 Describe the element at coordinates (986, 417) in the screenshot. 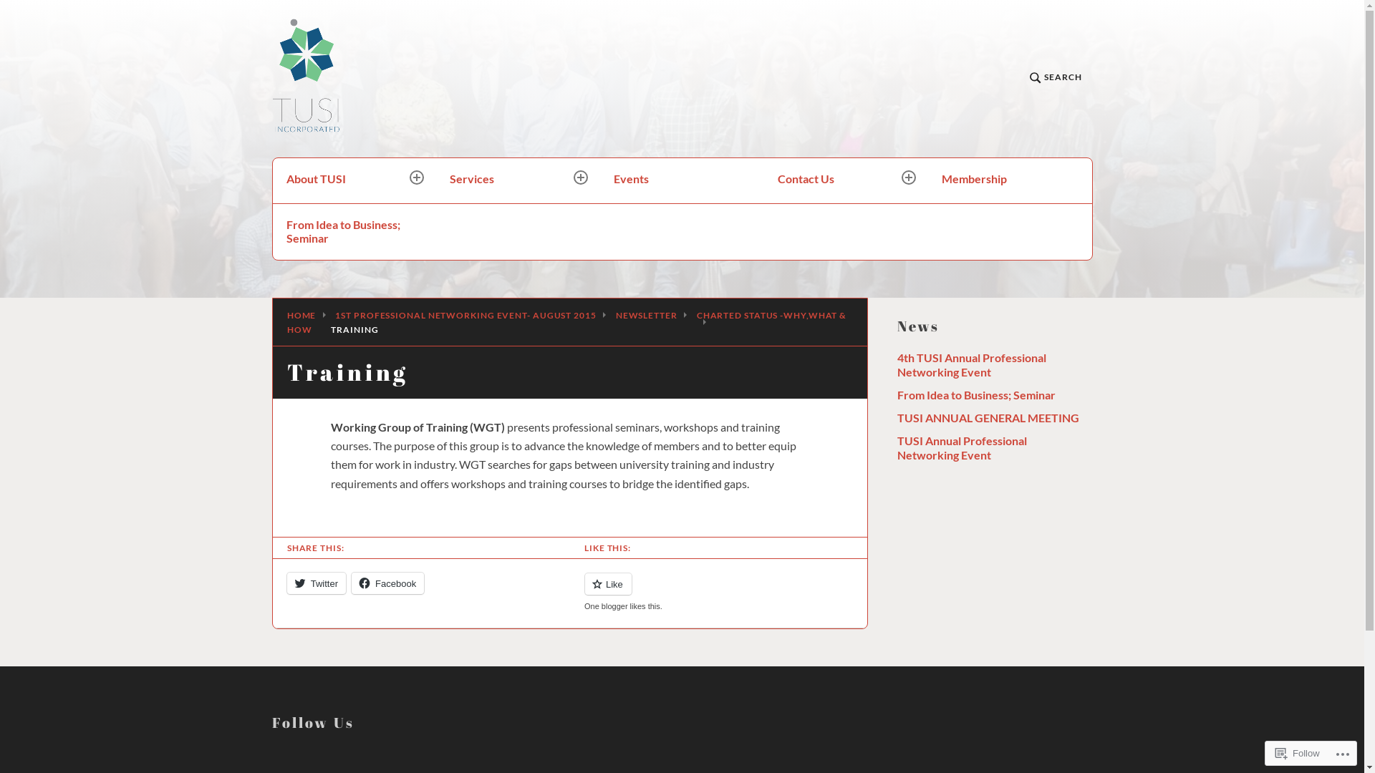

I see `'TUSI ANNUAL GENERAL MEETING'` at that location.